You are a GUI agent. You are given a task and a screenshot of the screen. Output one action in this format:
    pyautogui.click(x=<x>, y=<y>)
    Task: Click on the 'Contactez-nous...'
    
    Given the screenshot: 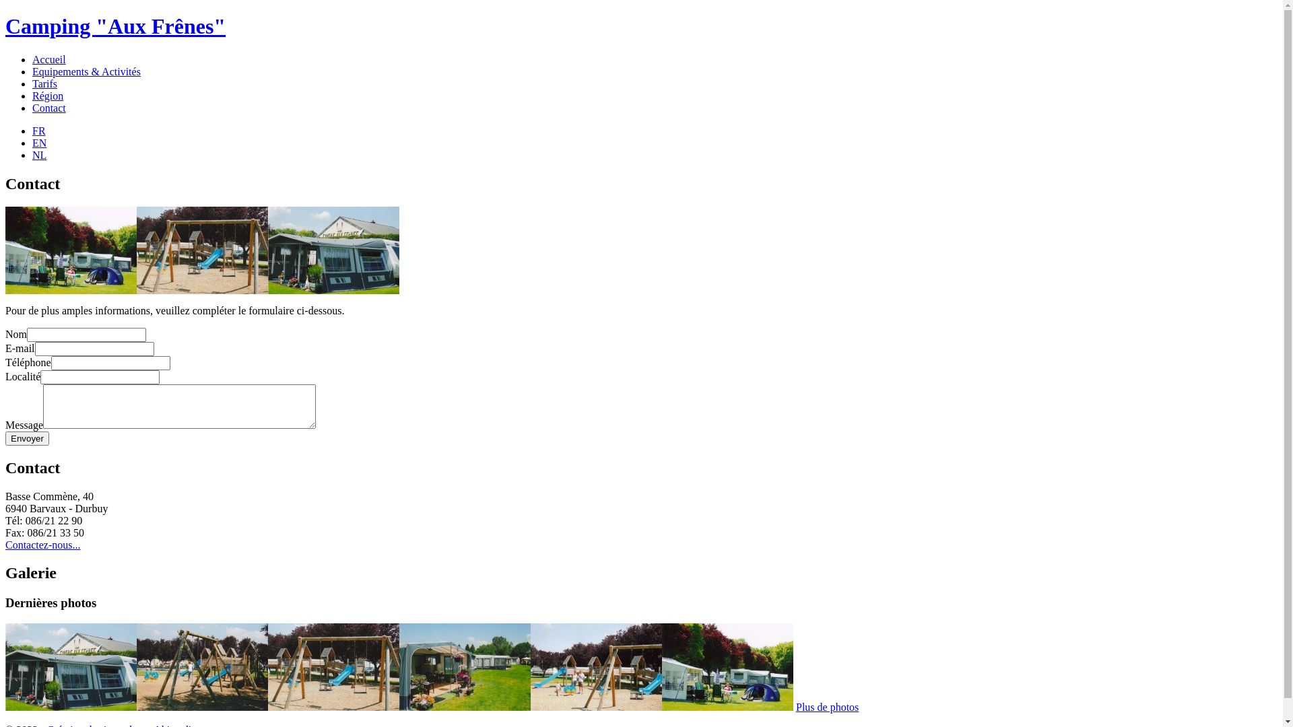 What is the action you would take?
    pyautogui.click(x=42, y=543)
    